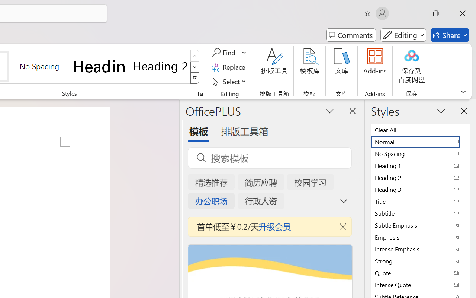  I want to click on 'Class: NetUIImage', so click(195, 78).